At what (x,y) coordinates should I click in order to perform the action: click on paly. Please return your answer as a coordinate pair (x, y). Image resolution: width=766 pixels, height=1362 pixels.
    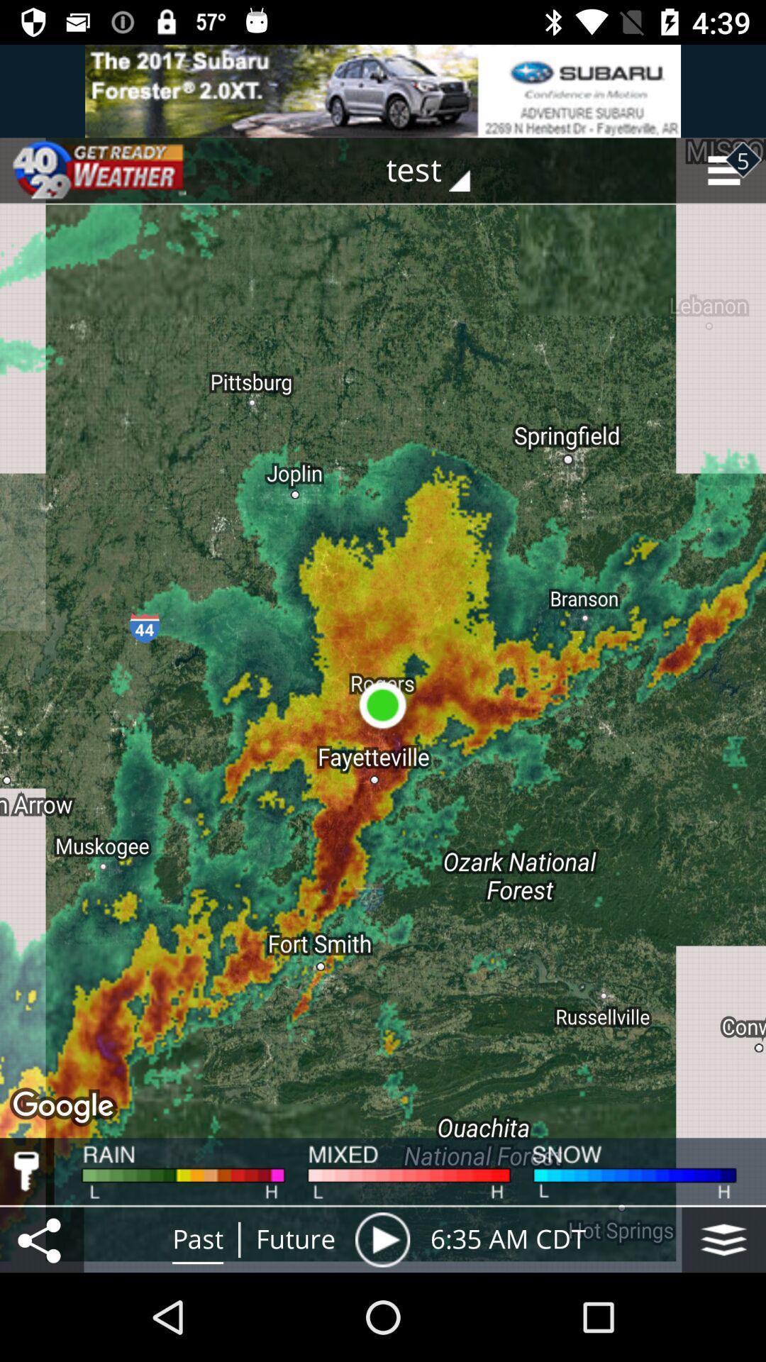
    Looking at the image, I should click on (382, 1239).